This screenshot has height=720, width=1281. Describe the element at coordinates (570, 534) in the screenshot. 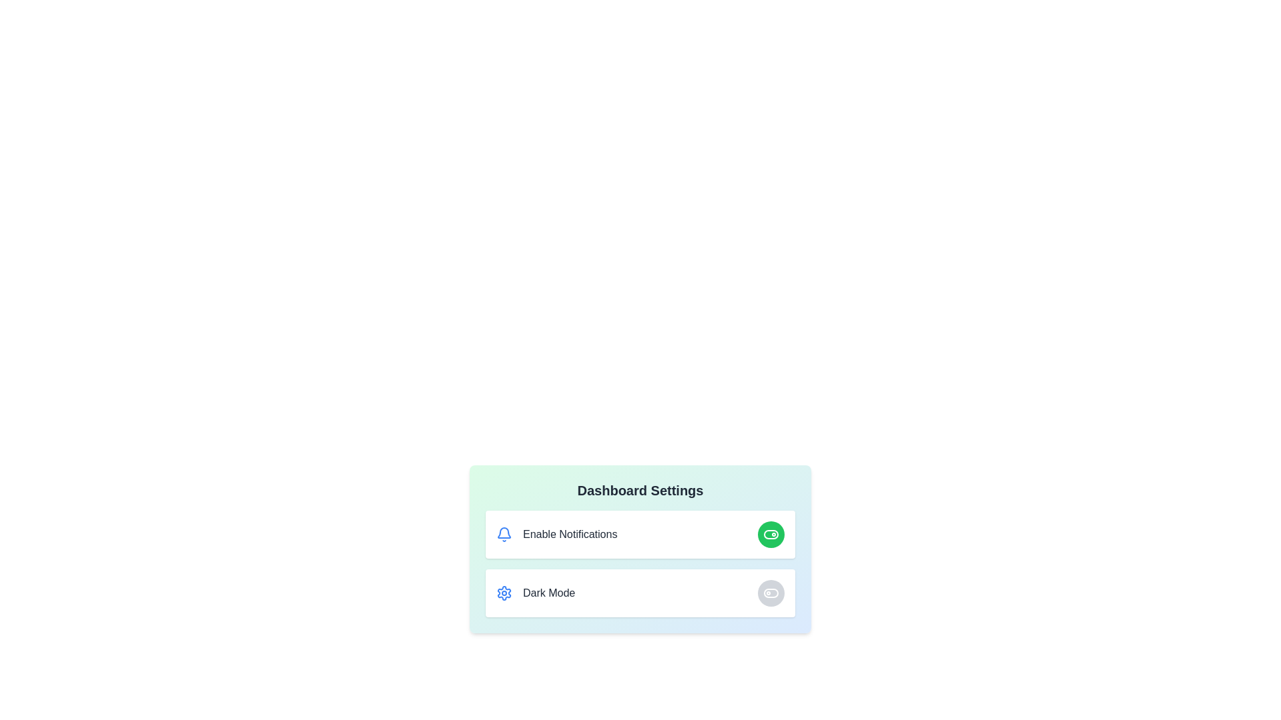

I see `the Text label describing the notification setting` at that location.